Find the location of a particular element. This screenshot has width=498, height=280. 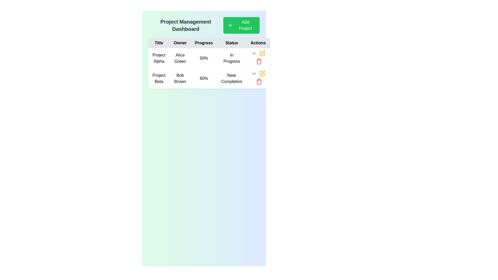

the trash can icon button located in the 'Actions' column for the row labeled 'Project Beta' is located at coordinates (258, 79).